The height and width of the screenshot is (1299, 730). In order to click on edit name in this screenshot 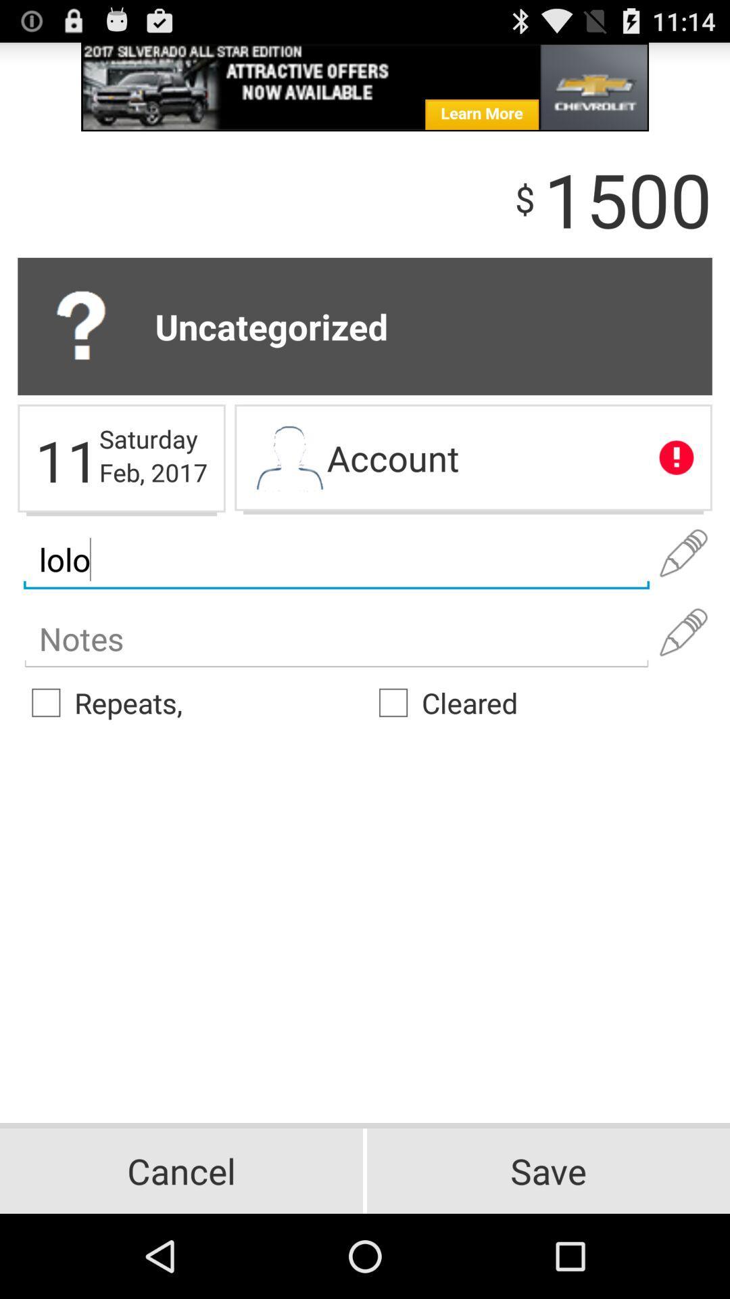, I will do `click(683, 553)`.